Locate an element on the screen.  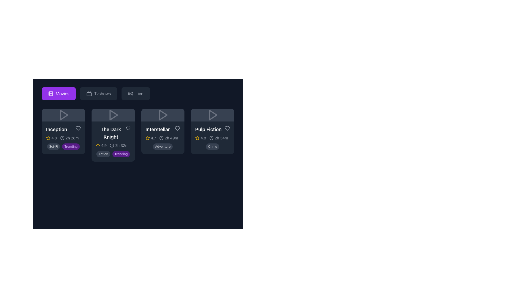
the circular outline of the clock face in the information panel for the 'Interstellar' movie, located in the third card of the displayed movie cards is located at coordinates (161, 138).